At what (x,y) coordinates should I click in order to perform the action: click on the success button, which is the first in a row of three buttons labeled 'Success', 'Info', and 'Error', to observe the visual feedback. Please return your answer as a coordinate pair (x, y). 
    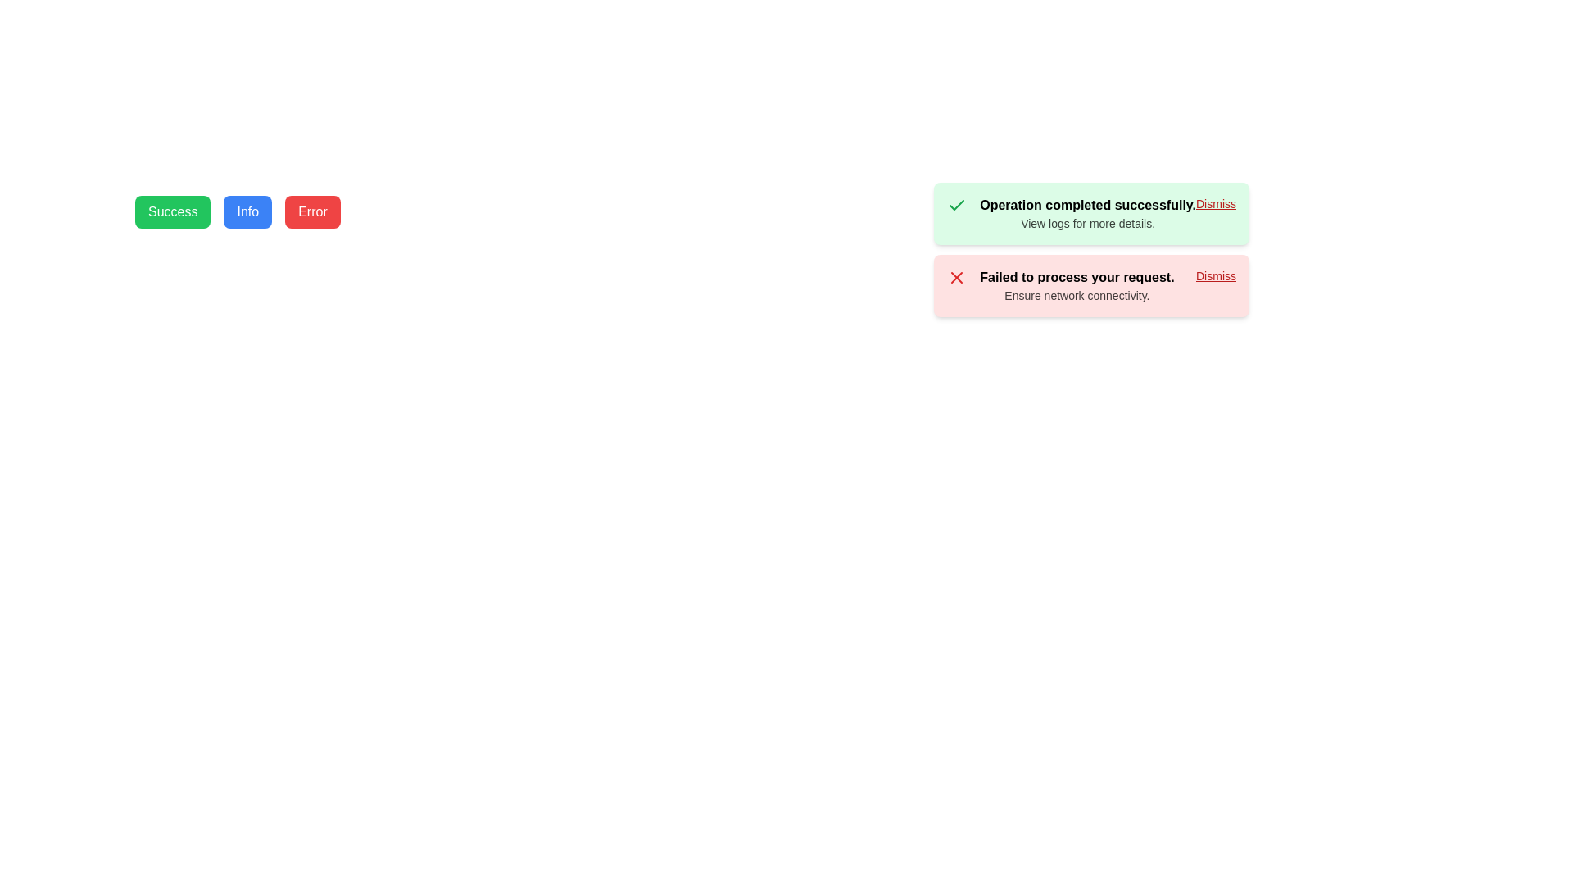
    Looking at the image, I should click on (173, 211).